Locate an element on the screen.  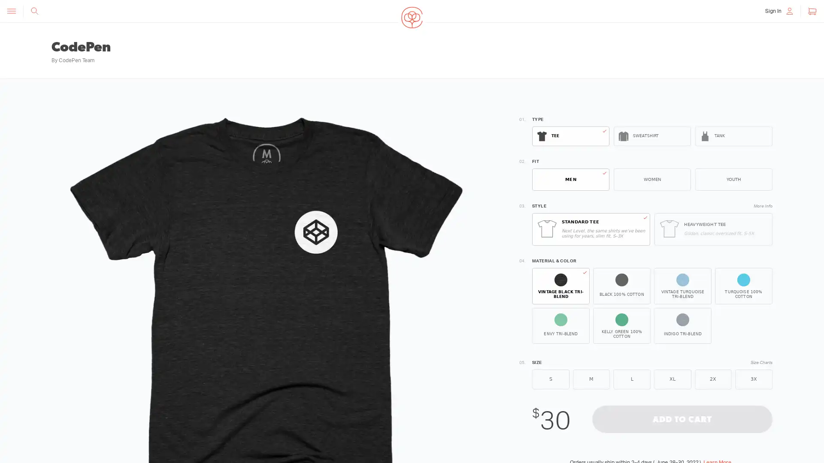
TEE is located at coordinates (570, 135).